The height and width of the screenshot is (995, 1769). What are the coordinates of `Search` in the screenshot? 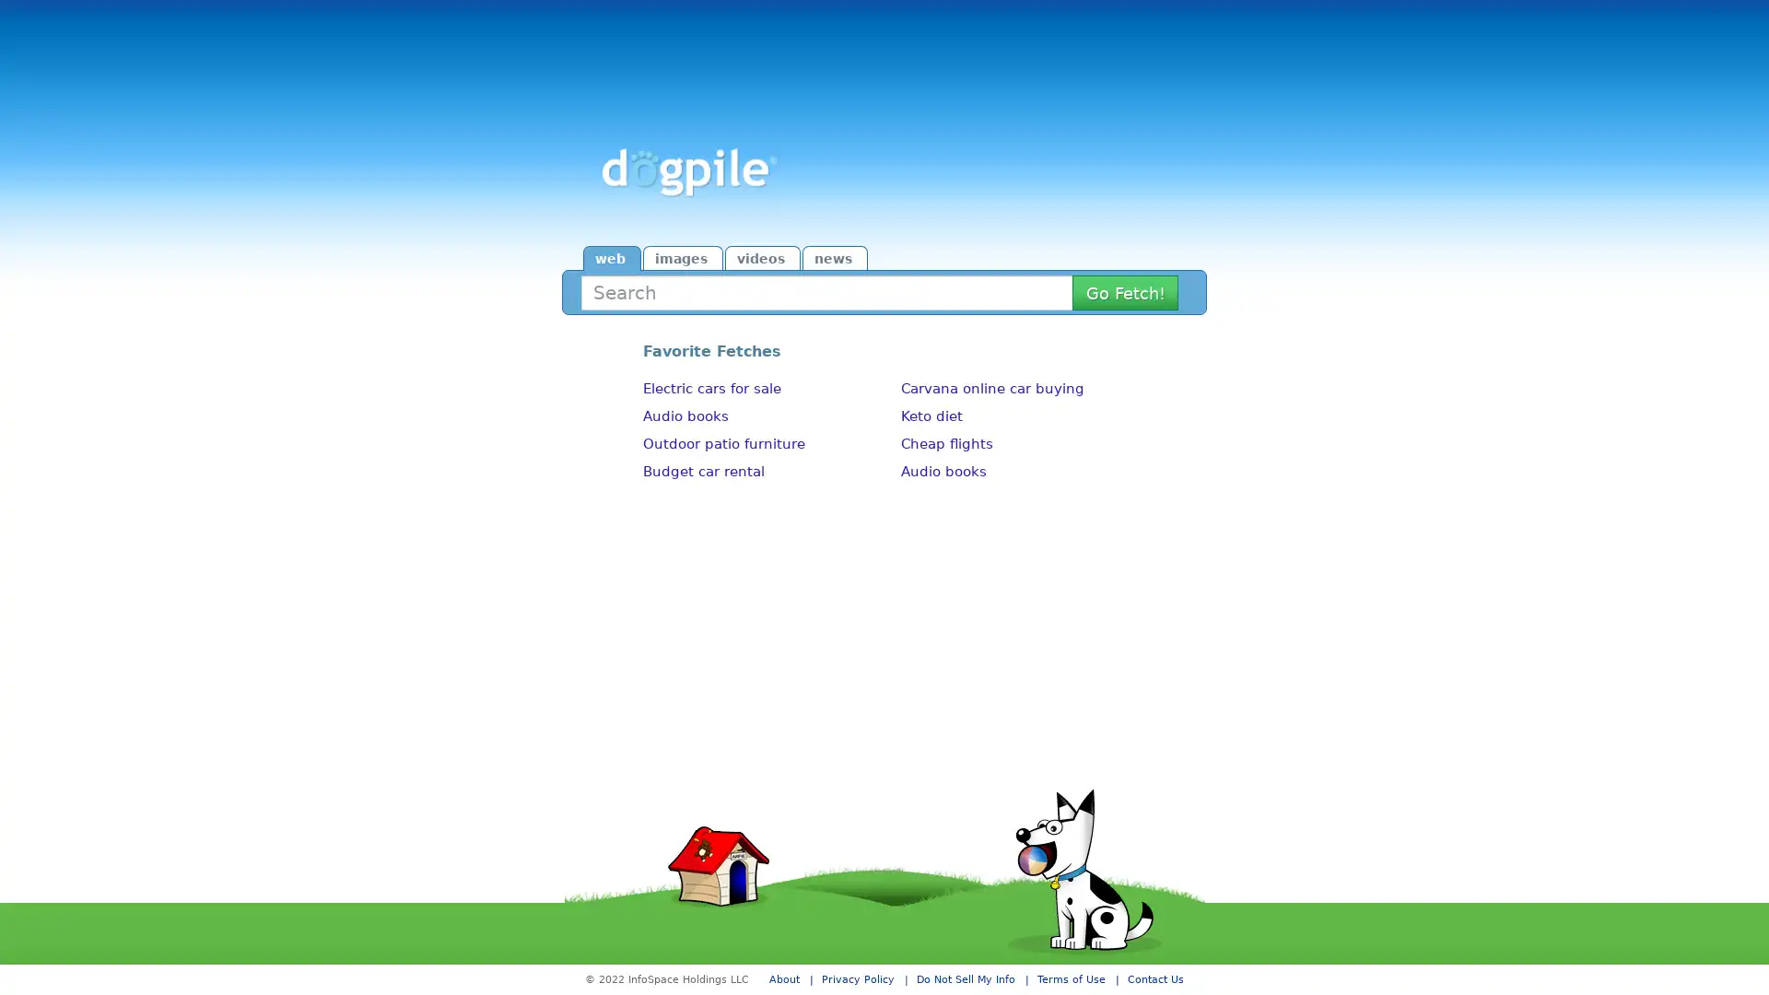 It's located at (1124, 291).